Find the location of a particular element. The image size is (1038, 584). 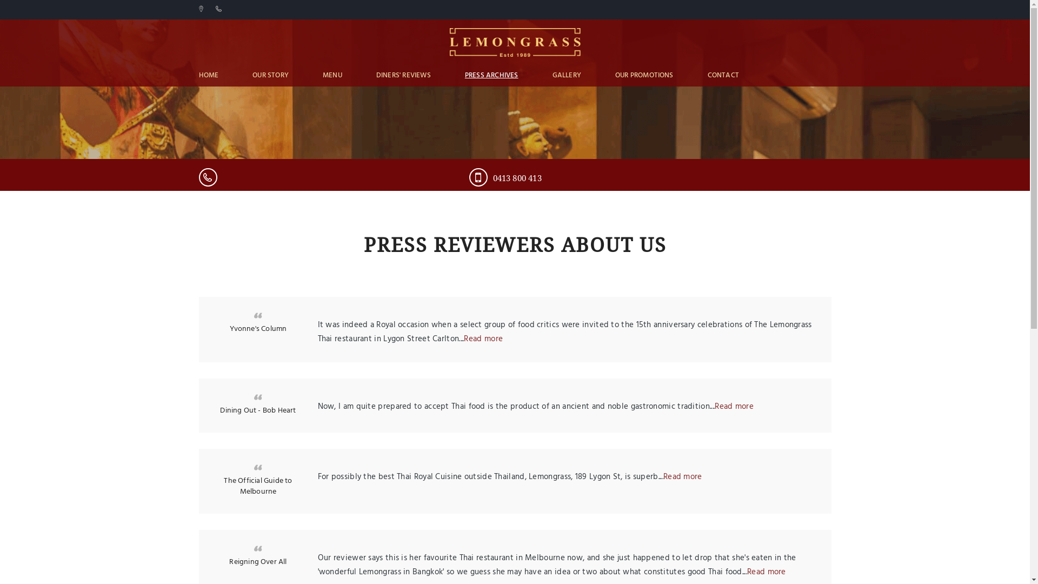

'Read more' is located at coordinates (734, 407).